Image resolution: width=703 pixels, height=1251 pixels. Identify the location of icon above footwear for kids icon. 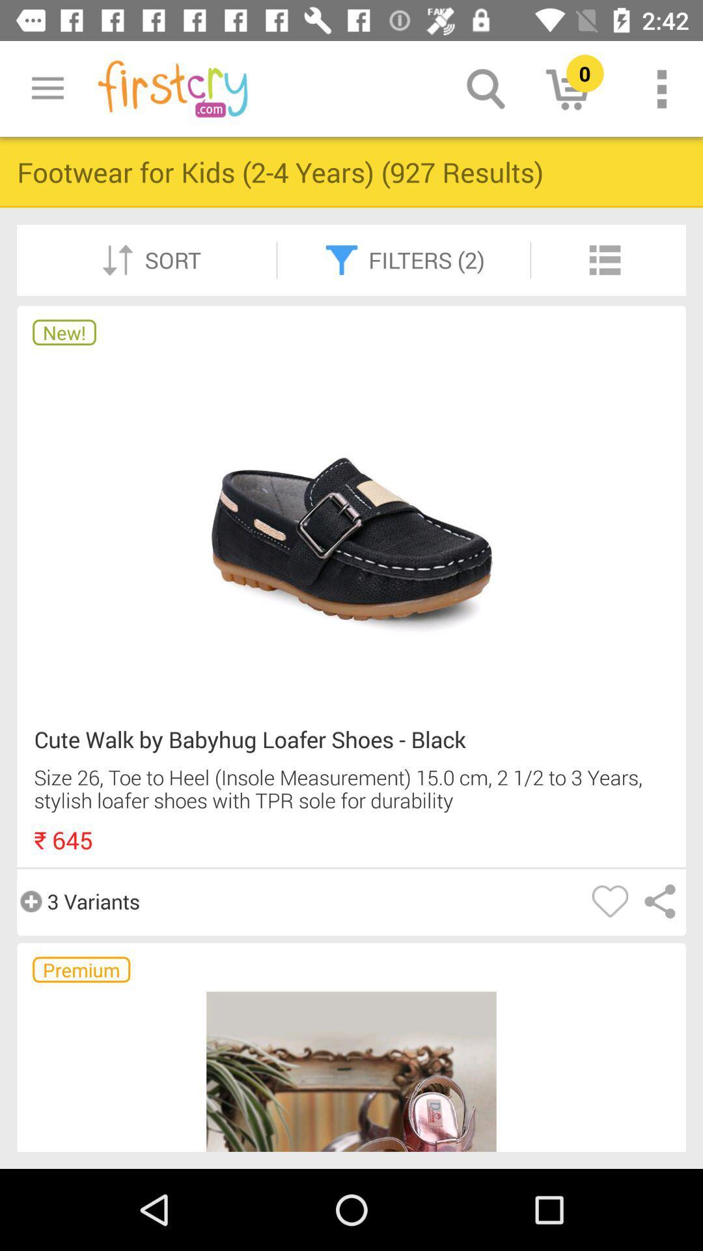
(47, 88).